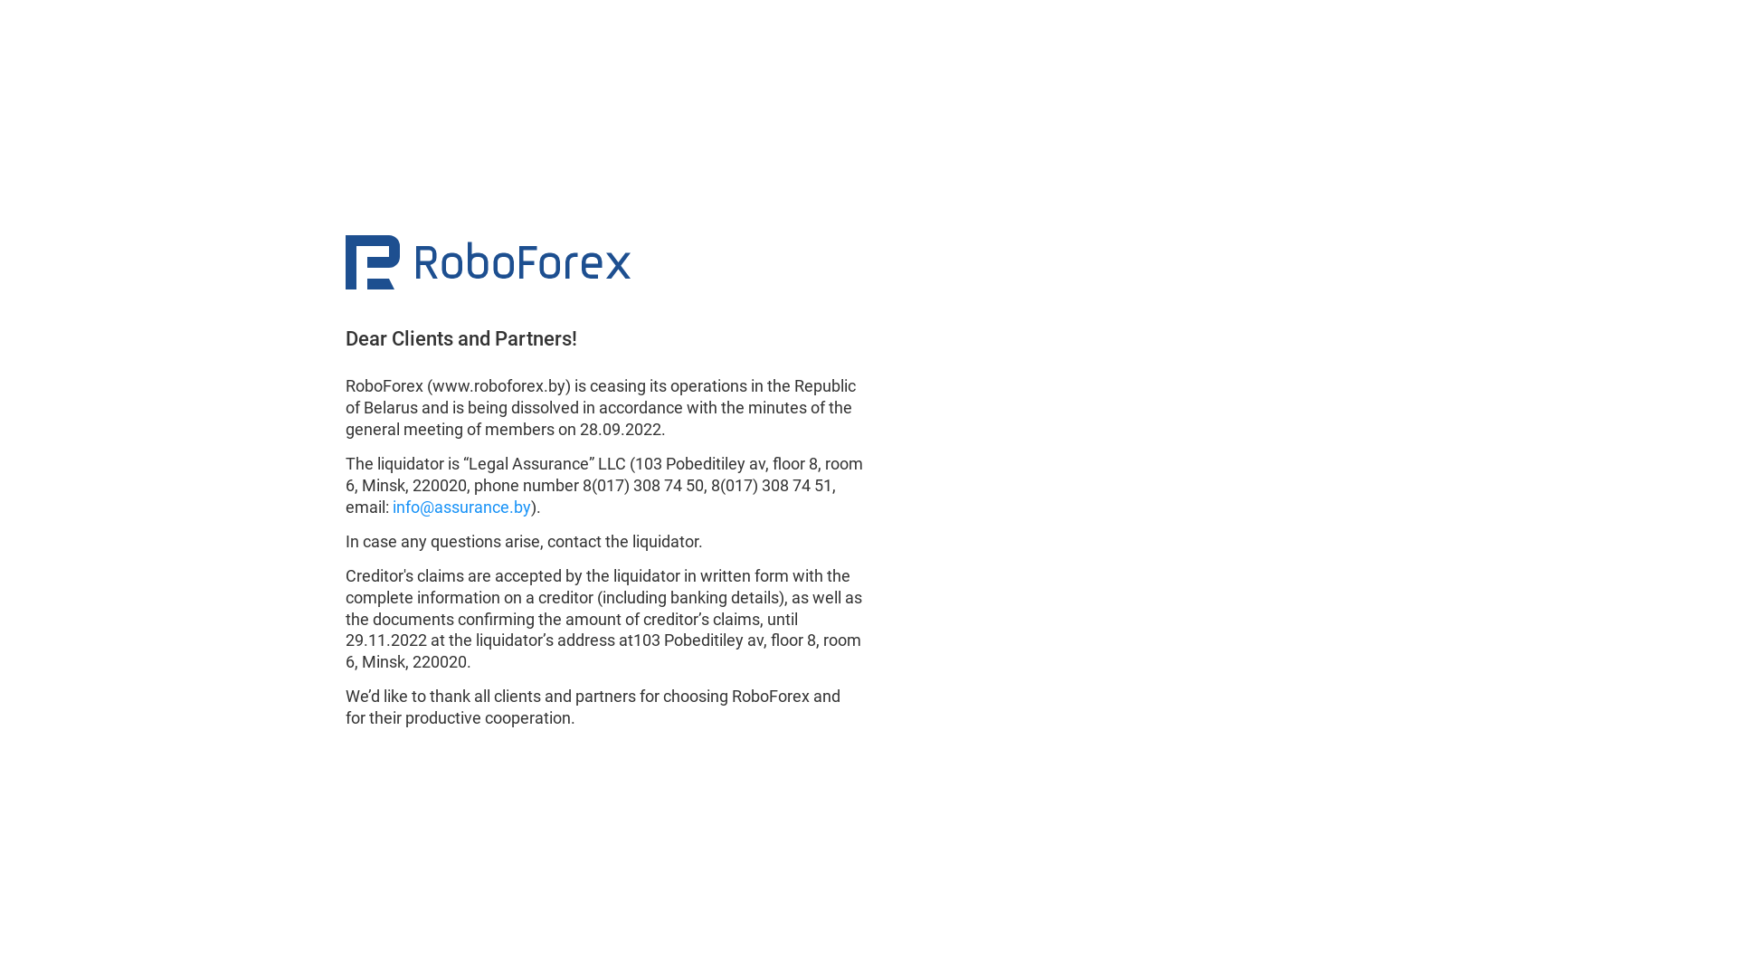  I want to click on 'info@assurance.by', so click(461, 507).